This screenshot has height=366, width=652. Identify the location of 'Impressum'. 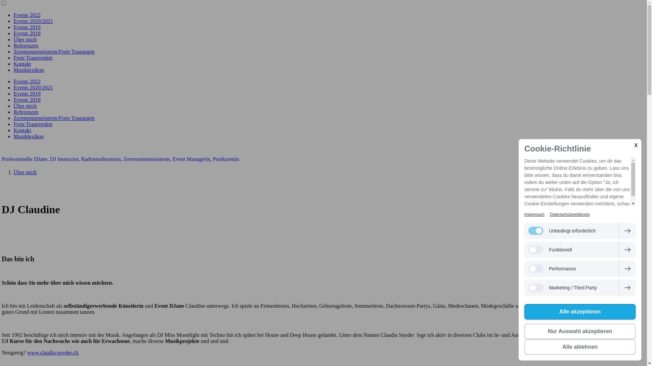
(534, 214).